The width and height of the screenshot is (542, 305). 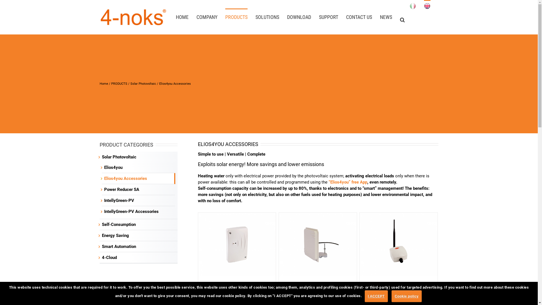 I want to click on 'IntellyGreen-PV', so click(x=104, y=200).